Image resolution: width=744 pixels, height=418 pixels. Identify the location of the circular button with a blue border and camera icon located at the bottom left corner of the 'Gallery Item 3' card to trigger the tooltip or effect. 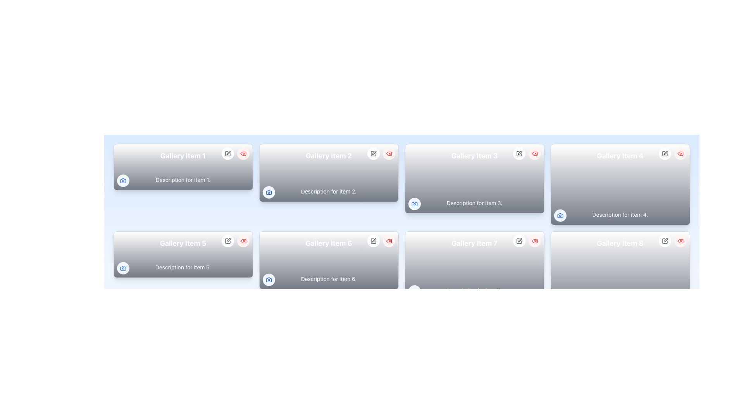
(414, 204).